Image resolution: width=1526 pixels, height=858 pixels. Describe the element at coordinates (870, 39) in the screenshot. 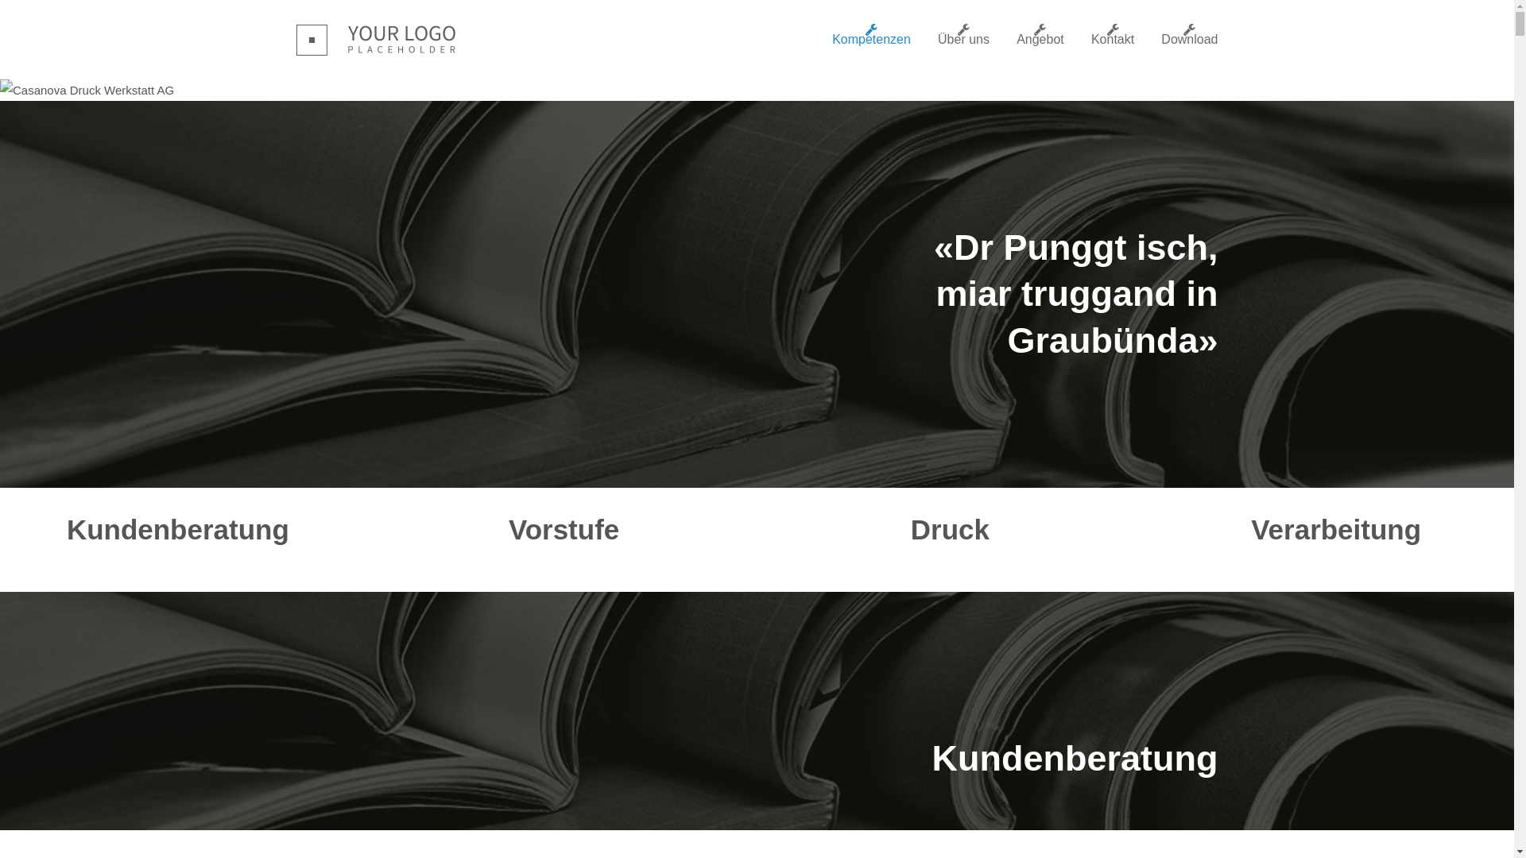

I see `'Kompetenzen'` at that location.